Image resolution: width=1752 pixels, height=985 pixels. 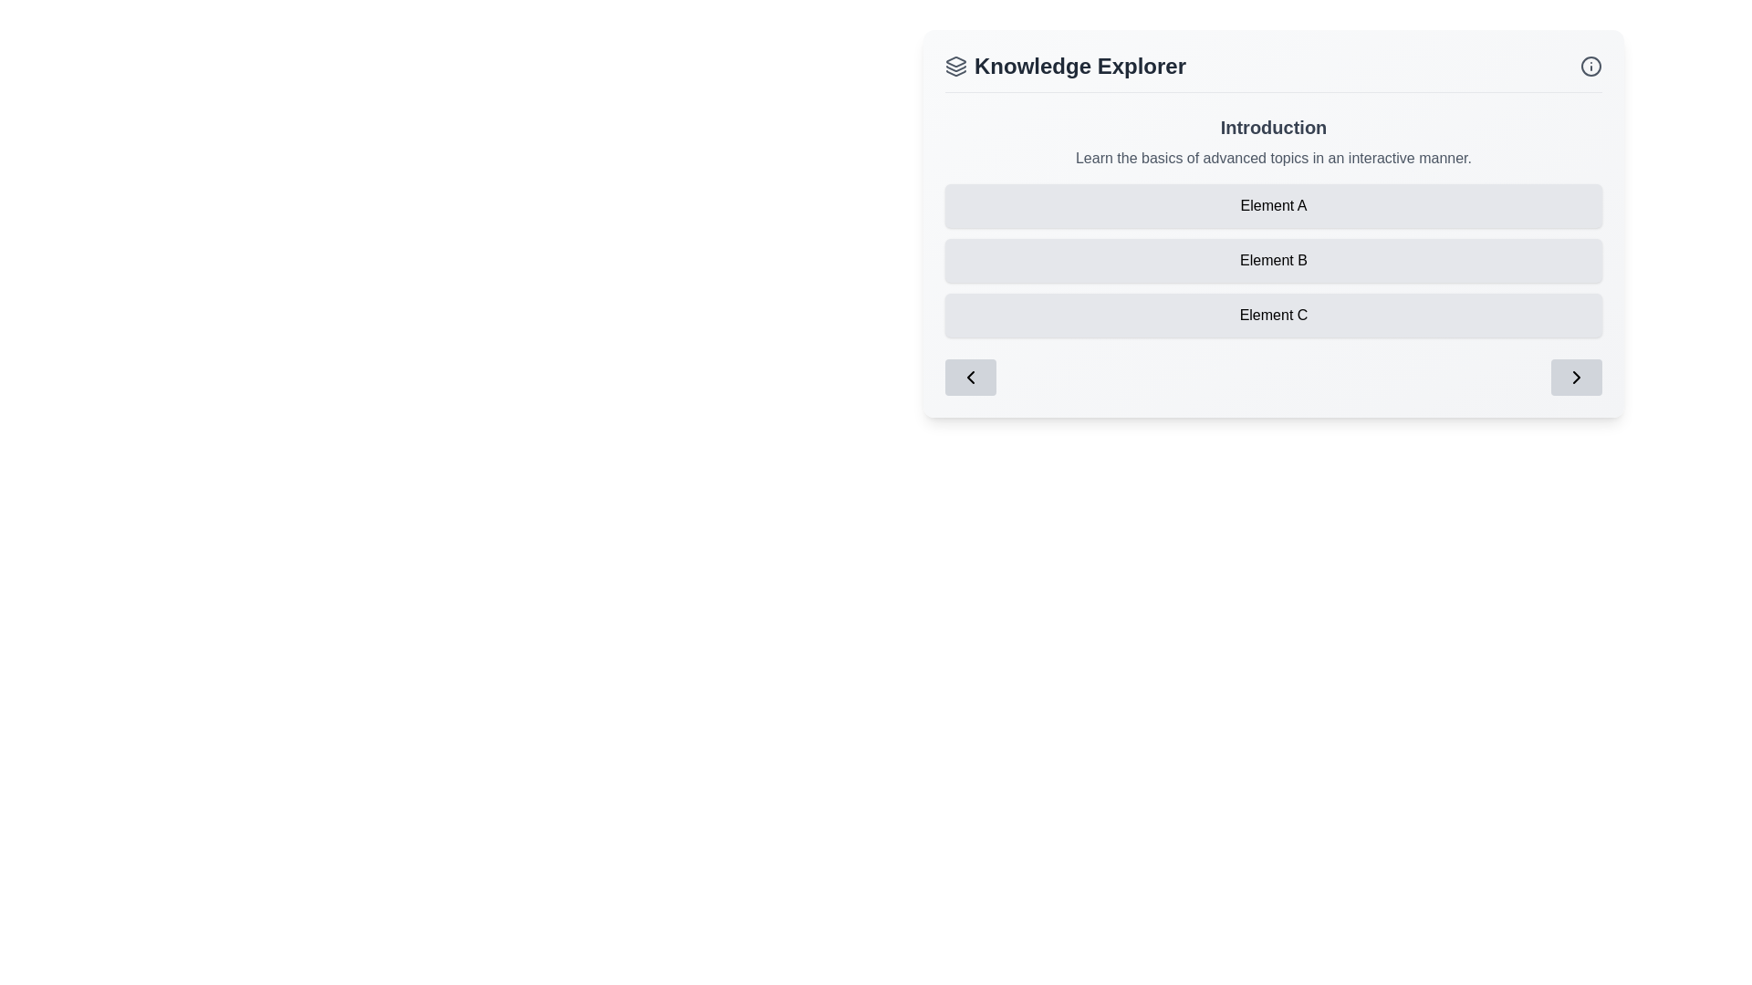 What do you see at coordinates (1273, 157) in the screenshot?
I see `the informational text that provides a descriptive subtitle for the 'Introduction' section, located directly beneath the heading and centered within the layout` at bounding box center [1273, 157].